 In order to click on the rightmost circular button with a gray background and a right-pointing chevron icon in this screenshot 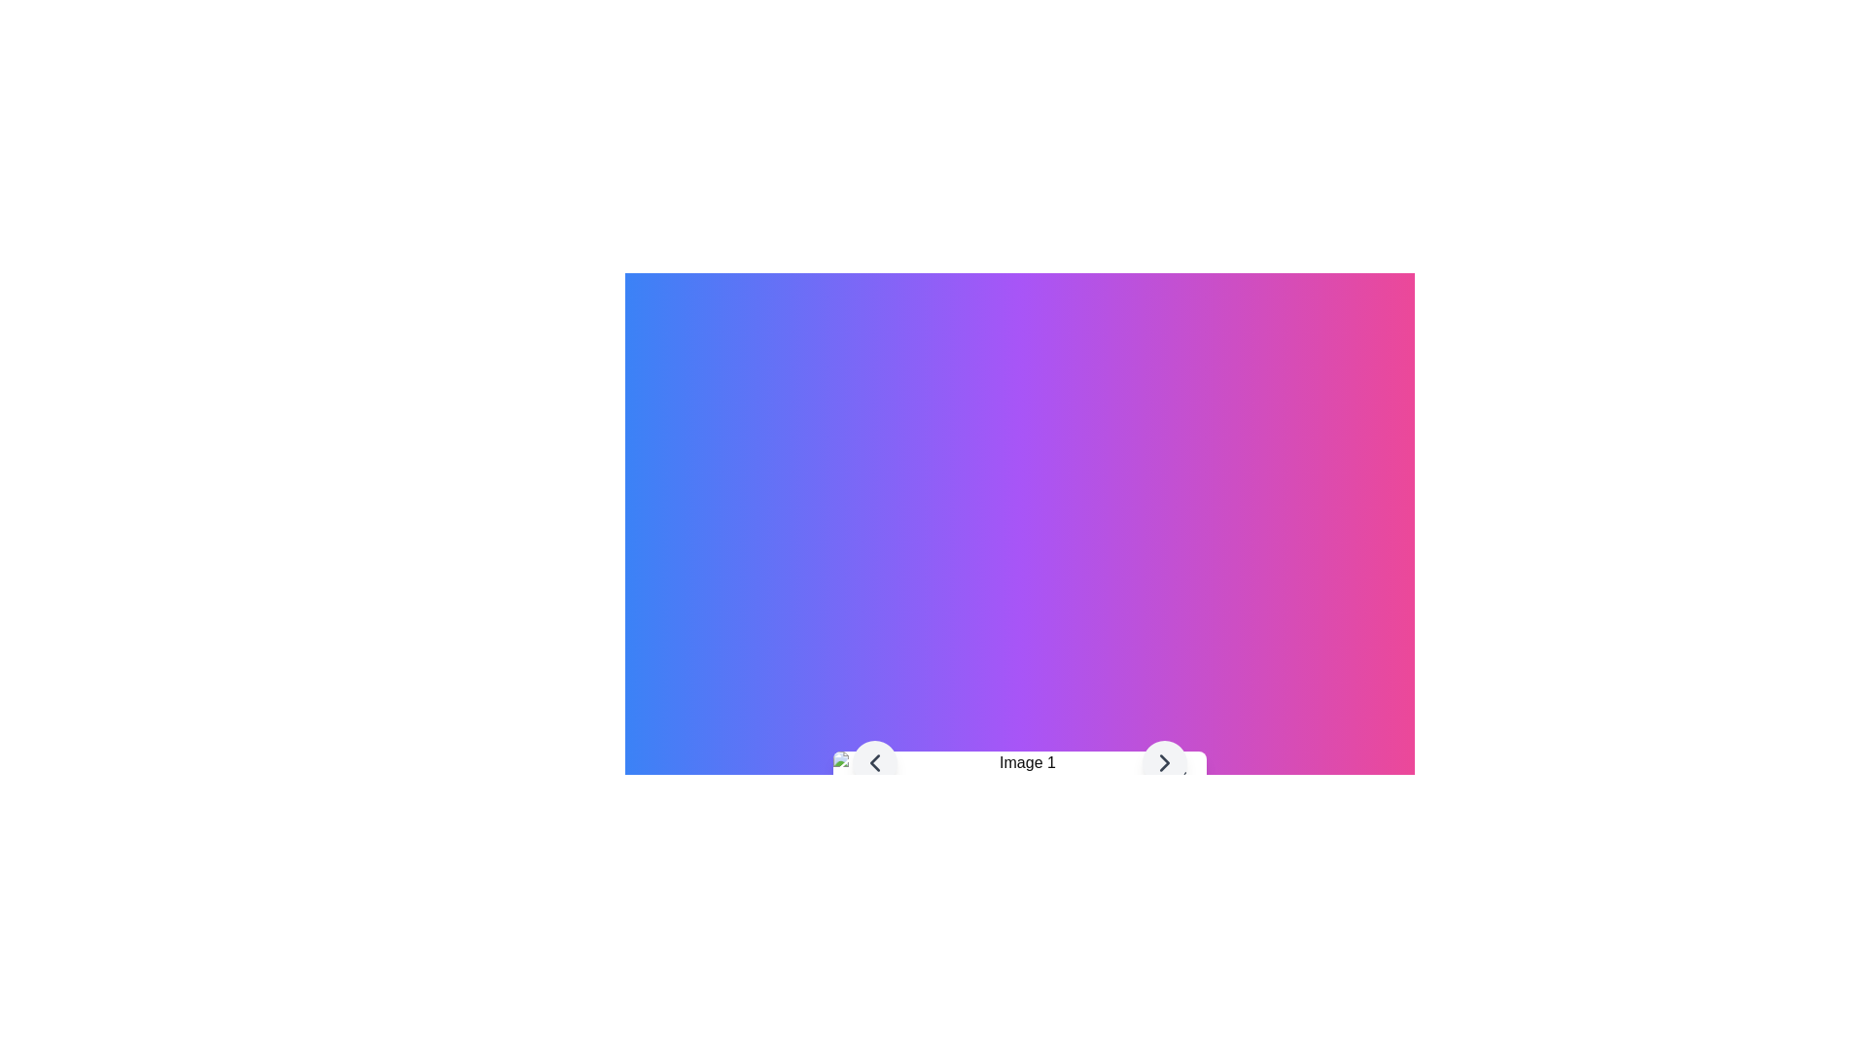, I will do `click(1165, 762)`.